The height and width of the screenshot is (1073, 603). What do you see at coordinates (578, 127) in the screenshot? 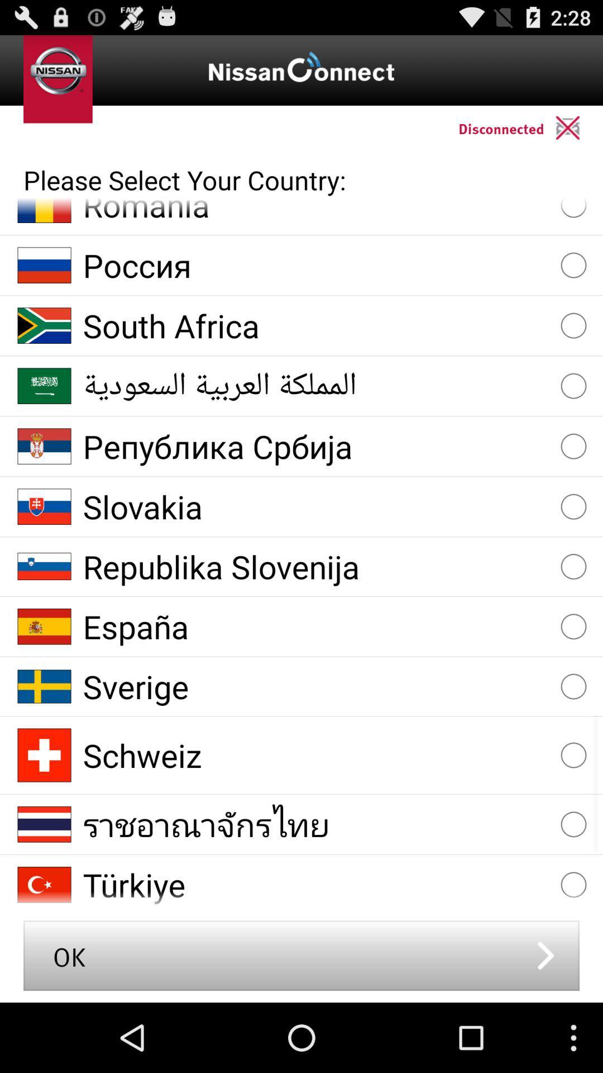
I see `the icon next to the disconnected item` at bounding box center [578, 127].